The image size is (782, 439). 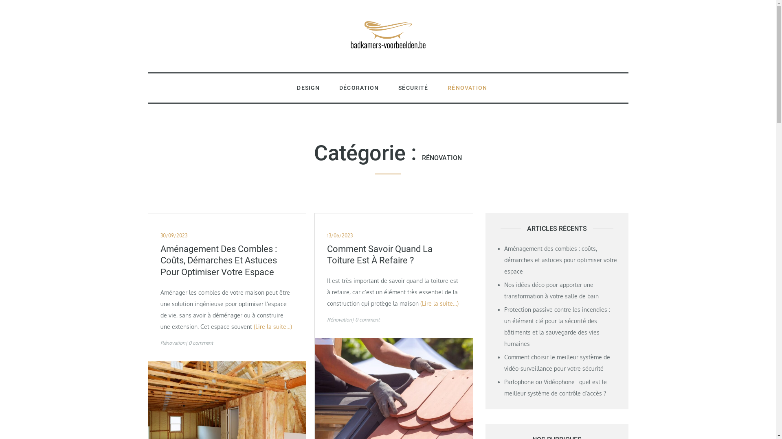 I want to click on '0 comment', so click(x=367, y=319).